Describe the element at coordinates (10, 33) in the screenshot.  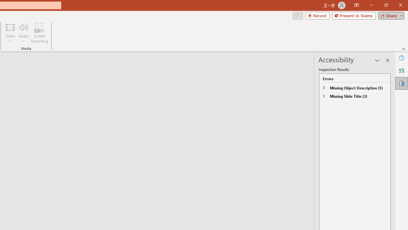
I see `'Video'` at that location.